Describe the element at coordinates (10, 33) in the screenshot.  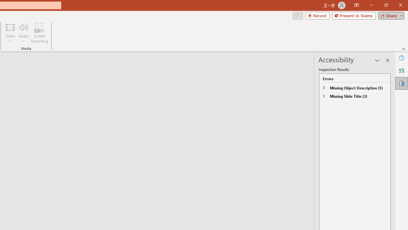
I see `'Video'` at that location.